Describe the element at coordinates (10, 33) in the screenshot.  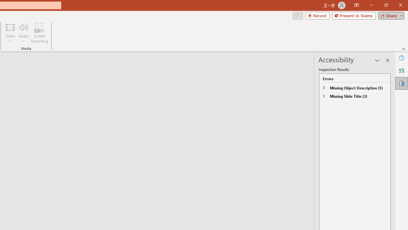
I see `'Video'` at that location.